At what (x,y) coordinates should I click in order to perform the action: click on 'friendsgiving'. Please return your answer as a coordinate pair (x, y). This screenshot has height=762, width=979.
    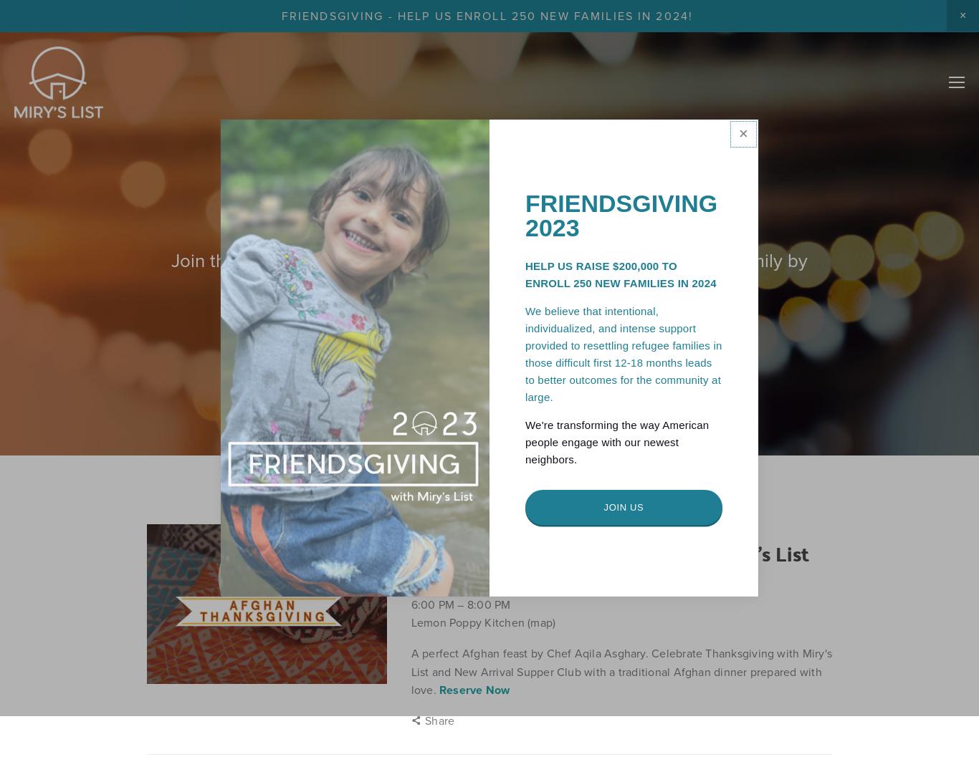
    Looking at the image, I should click on (729, 530).